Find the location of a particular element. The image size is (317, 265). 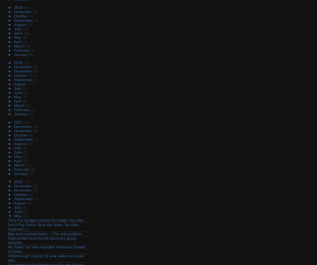

'(84)' is located at coordinates (27, 63).